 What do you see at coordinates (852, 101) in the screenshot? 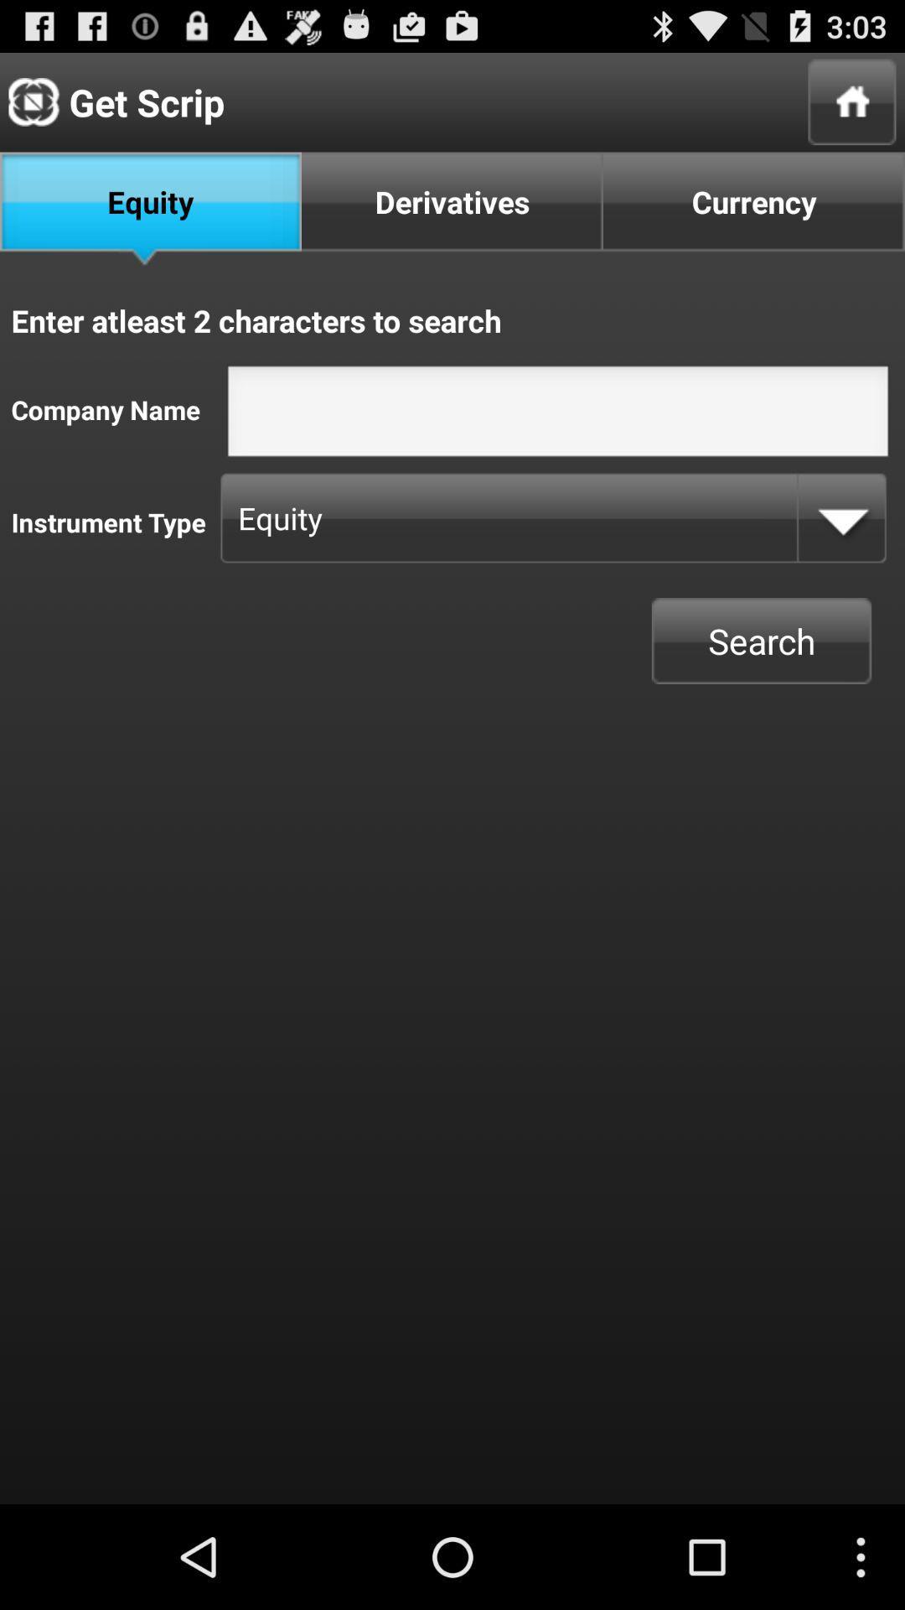
I see `home` at bounding box center [852, 101].